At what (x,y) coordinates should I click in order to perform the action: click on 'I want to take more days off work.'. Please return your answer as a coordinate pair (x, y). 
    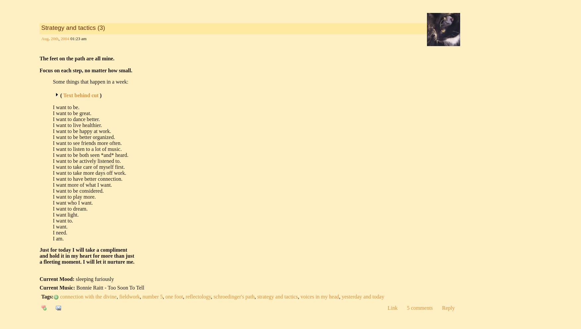
    Looking at the image, I should click on (89, 172).